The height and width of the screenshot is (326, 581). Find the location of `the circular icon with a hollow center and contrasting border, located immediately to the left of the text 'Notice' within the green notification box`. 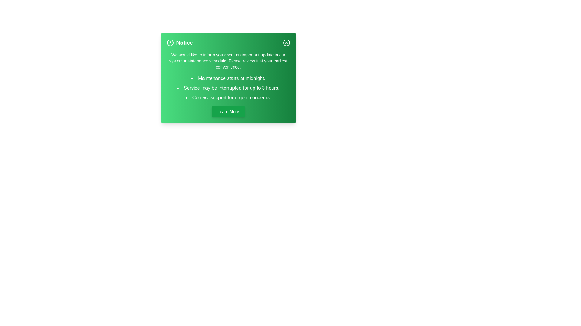

the circular icon with a hollow center and contrasting border, located immediately to the left of the text 'Notice' within the green notification box is located at coordinates (170, 43).